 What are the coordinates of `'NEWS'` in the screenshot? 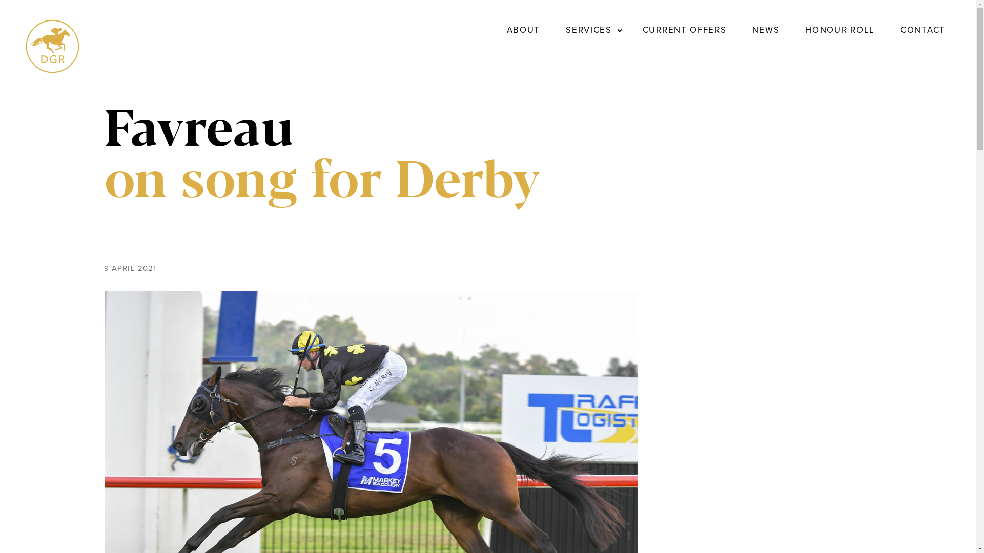 It's located at (747, 29).